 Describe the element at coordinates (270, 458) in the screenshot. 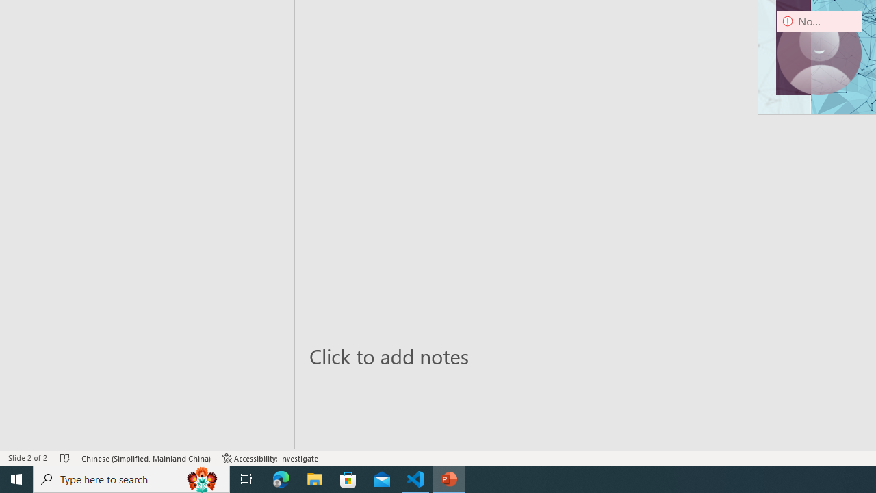

I see `'Accessibility Checker Accessibility: Investigate'` at that location.